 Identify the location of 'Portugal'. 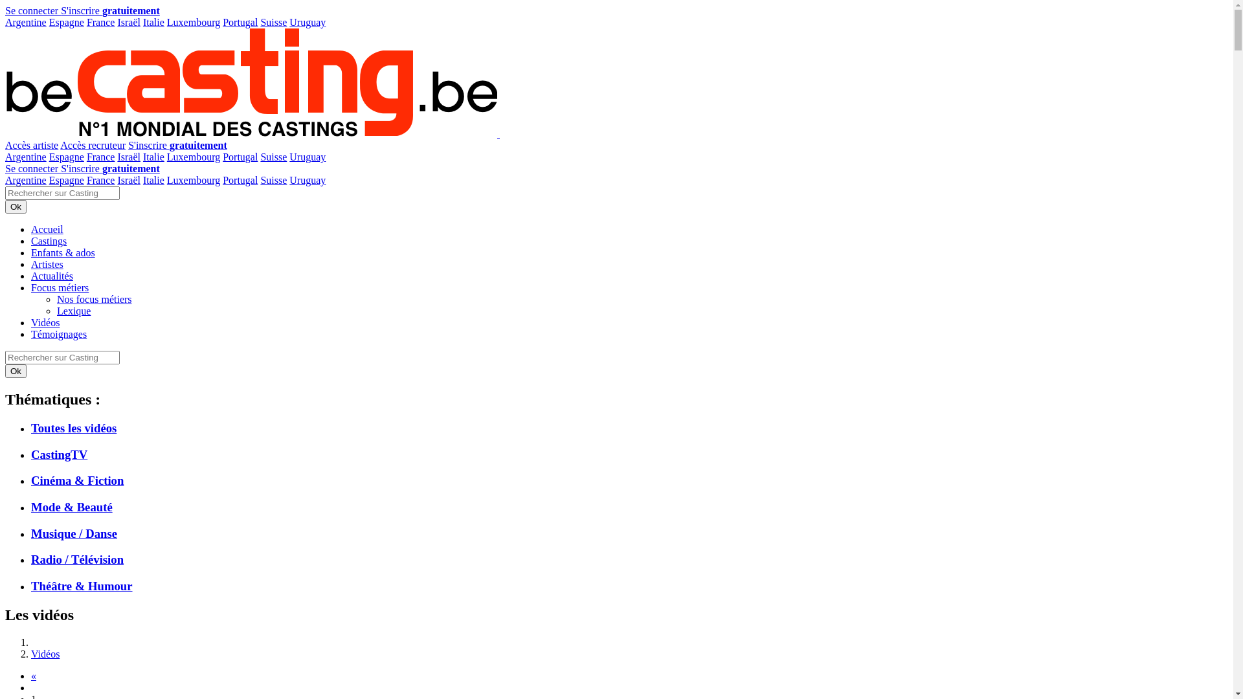
(240, 22).